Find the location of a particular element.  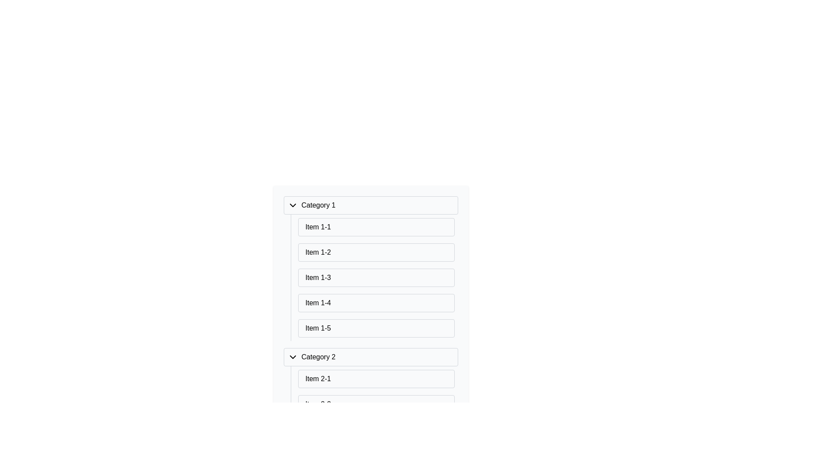

the fourth list item under 'Category 1' is located at coordinates (376, 302).